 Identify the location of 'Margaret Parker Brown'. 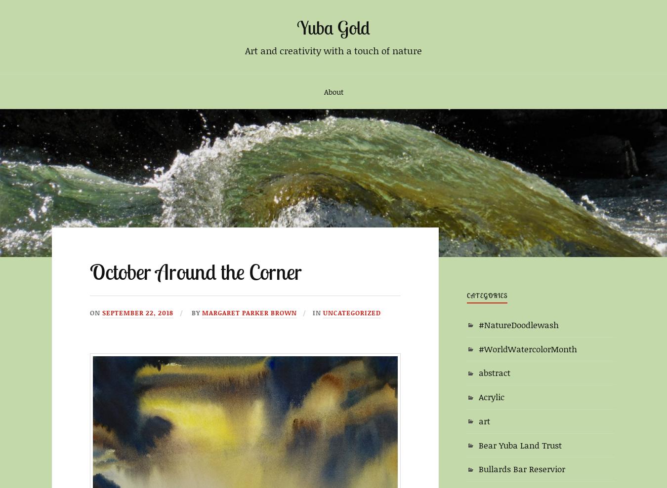
(248, 313).